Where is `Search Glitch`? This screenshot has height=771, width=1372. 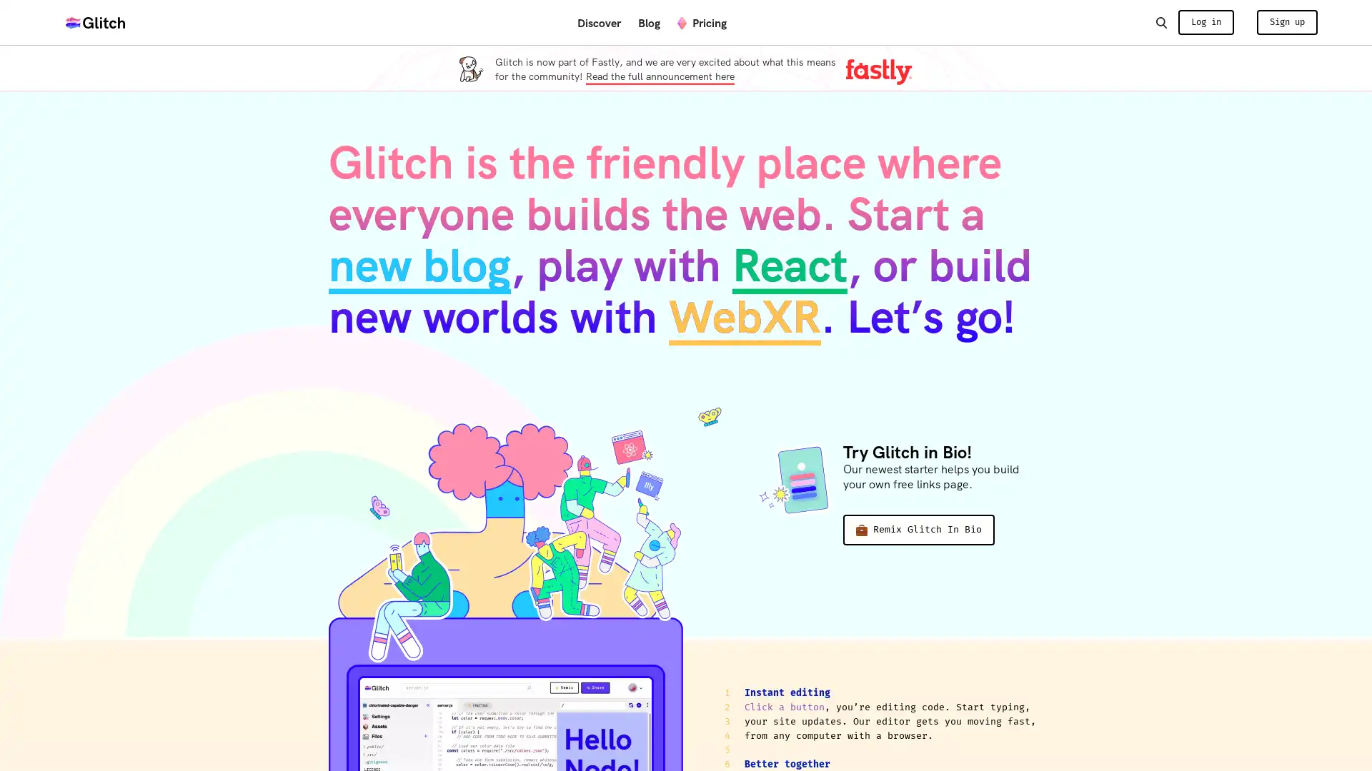
Search Glitch is located at coordinates (1160, 21).